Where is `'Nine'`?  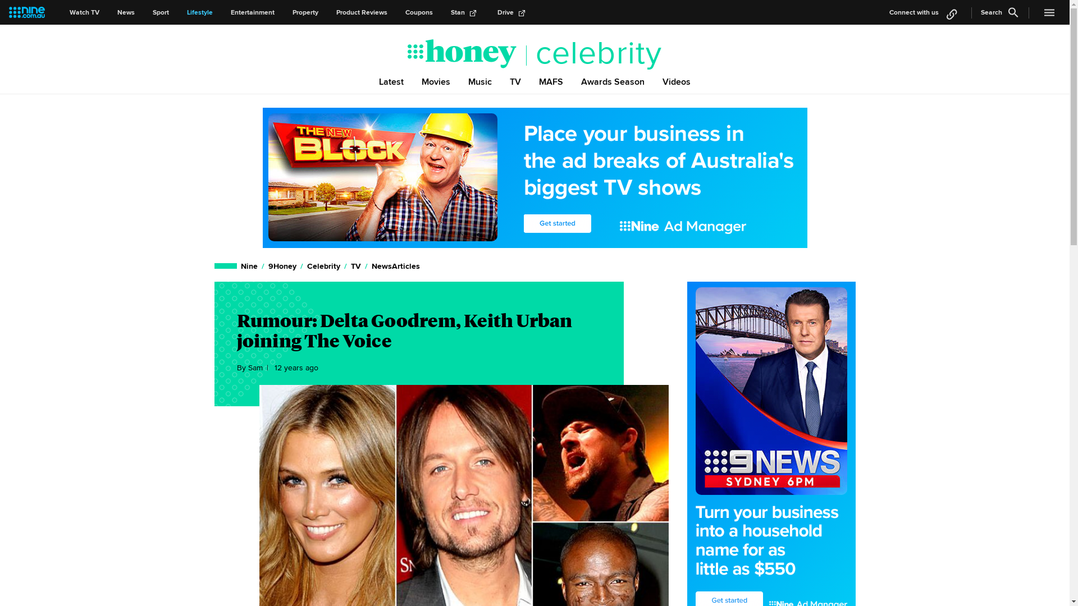
'Nine' is located at coordinates (249, 266).